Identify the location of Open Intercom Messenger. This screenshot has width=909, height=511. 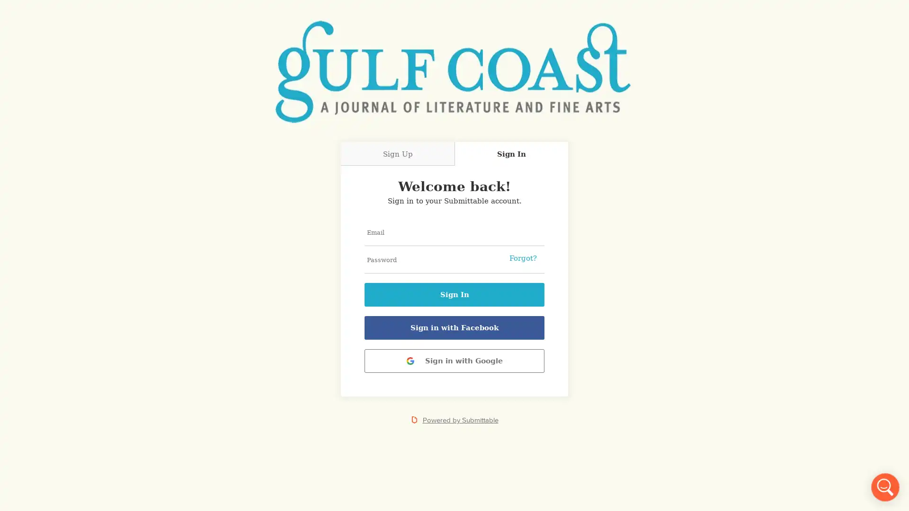
(885, 487).